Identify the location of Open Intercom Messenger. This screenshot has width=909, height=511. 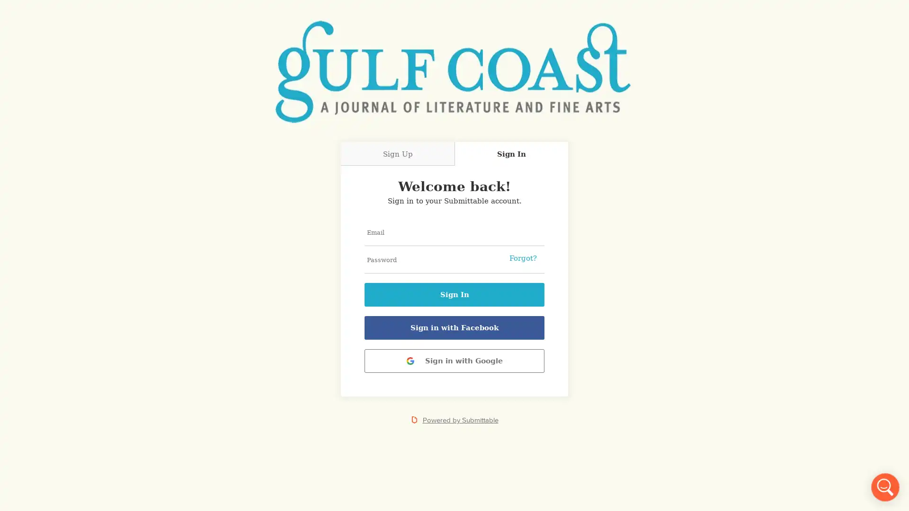
(885, 487).